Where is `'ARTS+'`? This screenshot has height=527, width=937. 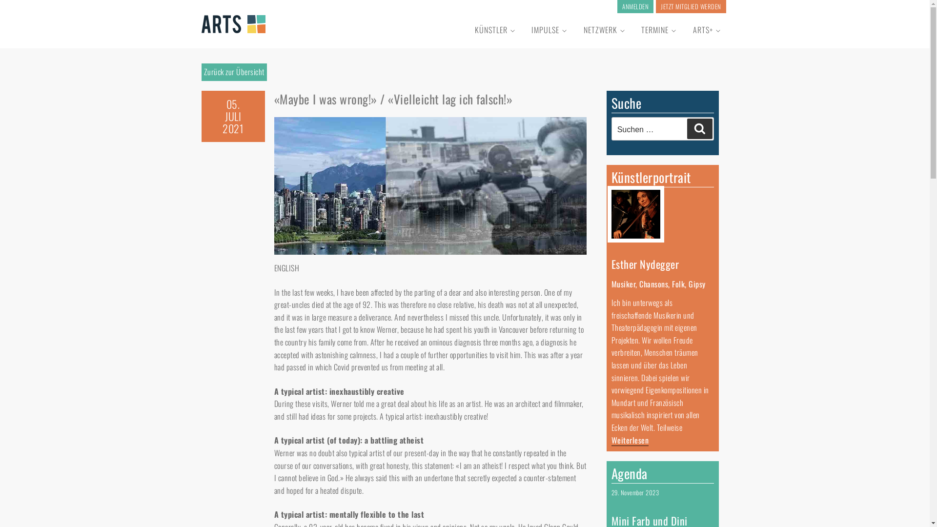 'ARTS+' is located at coordinates (706, 29).